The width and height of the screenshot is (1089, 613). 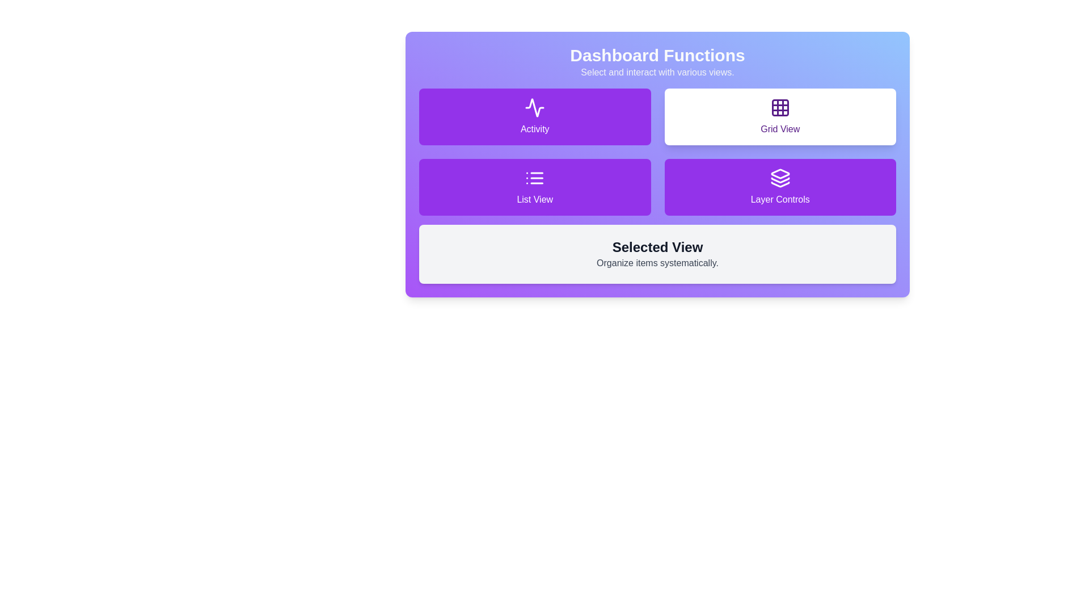 What do you see at coordinates (534, 116) in the screenshot?
I see `the 'Activity' button, which is a rectangular button with a rounded border, featuring a vibrant purple background and a white icon resembling an activity trace with the text 'Activity' below it` at bounding box center [534, 116].